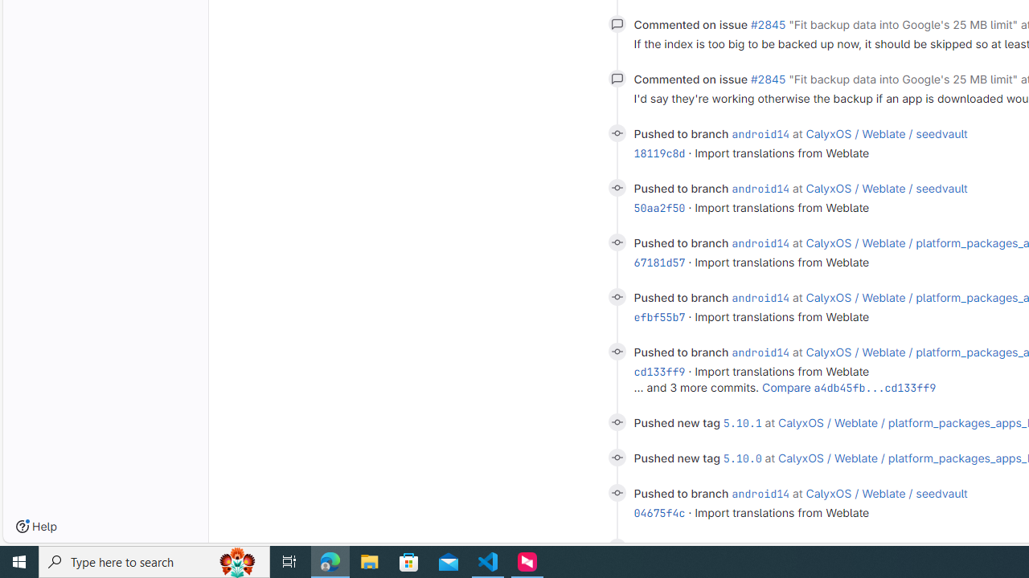 This screenshot has width=1029, height=578. What do you see at coordinates (741, 421) in the screenshot?
I see `'5.10.1'` at bounding box center [741, 421].